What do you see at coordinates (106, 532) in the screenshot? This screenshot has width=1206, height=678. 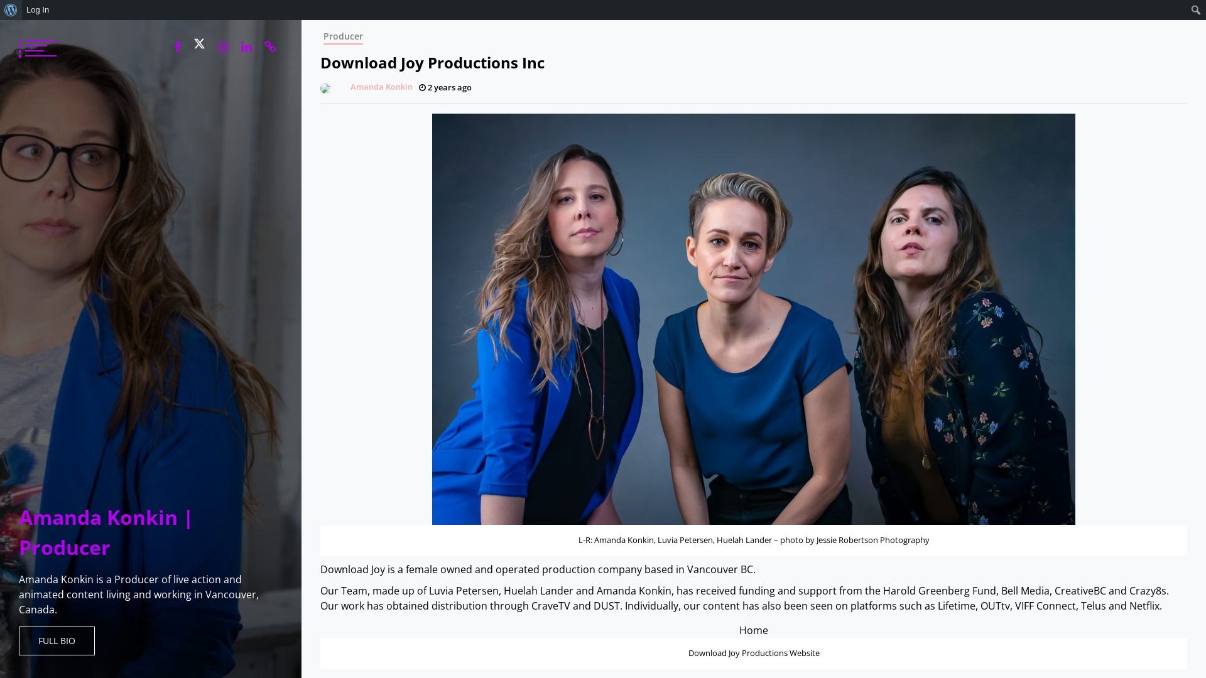 I see `'Amanda Konkin | Producer'` at bounding box center [106, 532].